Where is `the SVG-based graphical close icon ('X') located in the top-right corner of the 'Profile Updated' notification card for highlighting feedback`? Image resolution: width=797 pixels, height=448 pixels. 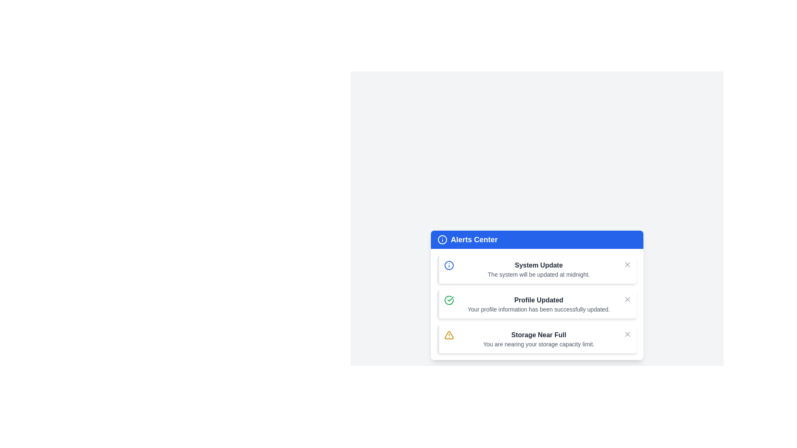
the SVG-based graphical close icon ('X') located in the top-right corner of the 'Profile Updated' notification card for highlighting feedback is located at coordinates (628, 299).